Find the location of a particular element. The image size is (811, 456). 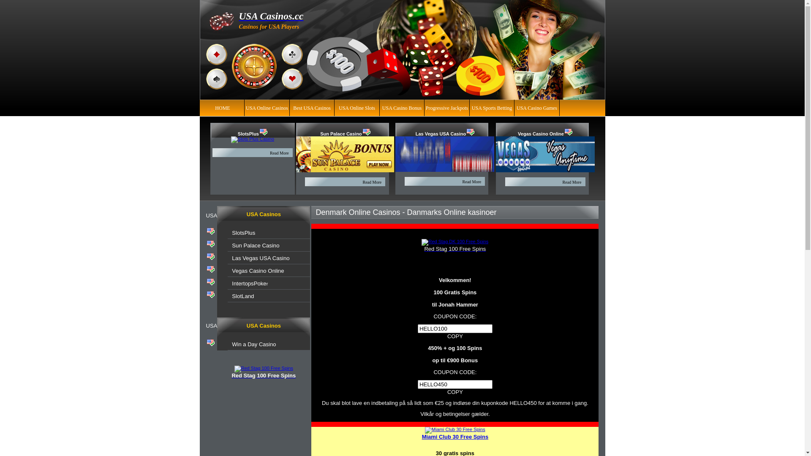

'Best USA Casinos' is located at coordinates (311, 107).